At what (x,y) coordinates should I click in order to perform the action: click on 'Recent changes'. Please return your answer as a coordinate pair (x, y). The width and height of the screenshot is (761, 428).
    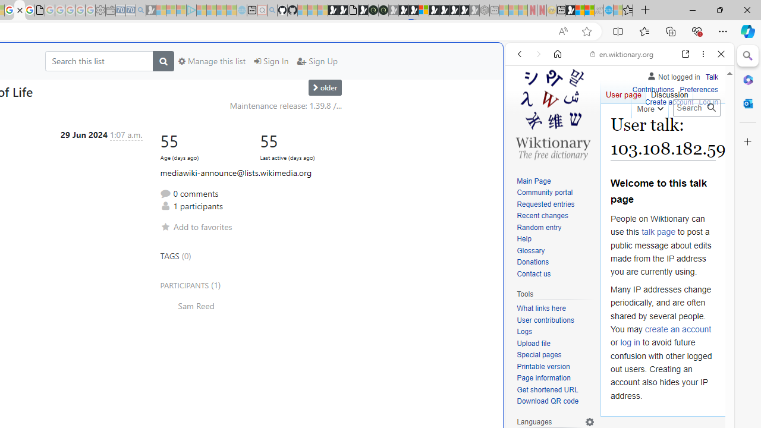
    Looking at the image, I should click on (542, 216).